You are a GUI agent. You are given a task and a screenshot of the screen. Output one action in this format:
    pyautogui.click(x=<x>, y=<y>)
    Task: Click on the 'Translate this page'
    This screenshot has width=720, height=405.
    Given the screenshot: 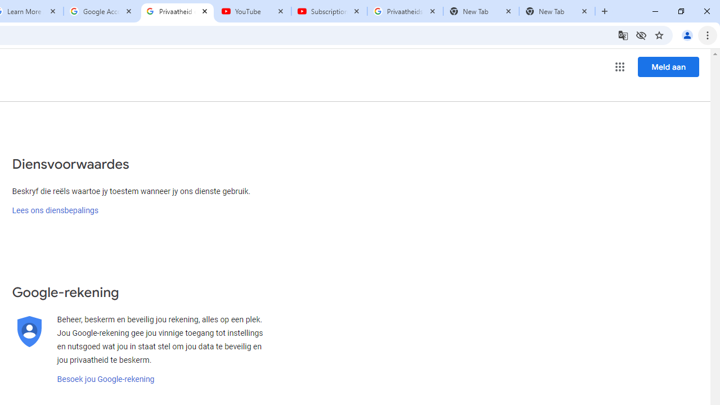 What is the action you would take?
    pyautogui.click(x=622, y=34)
    